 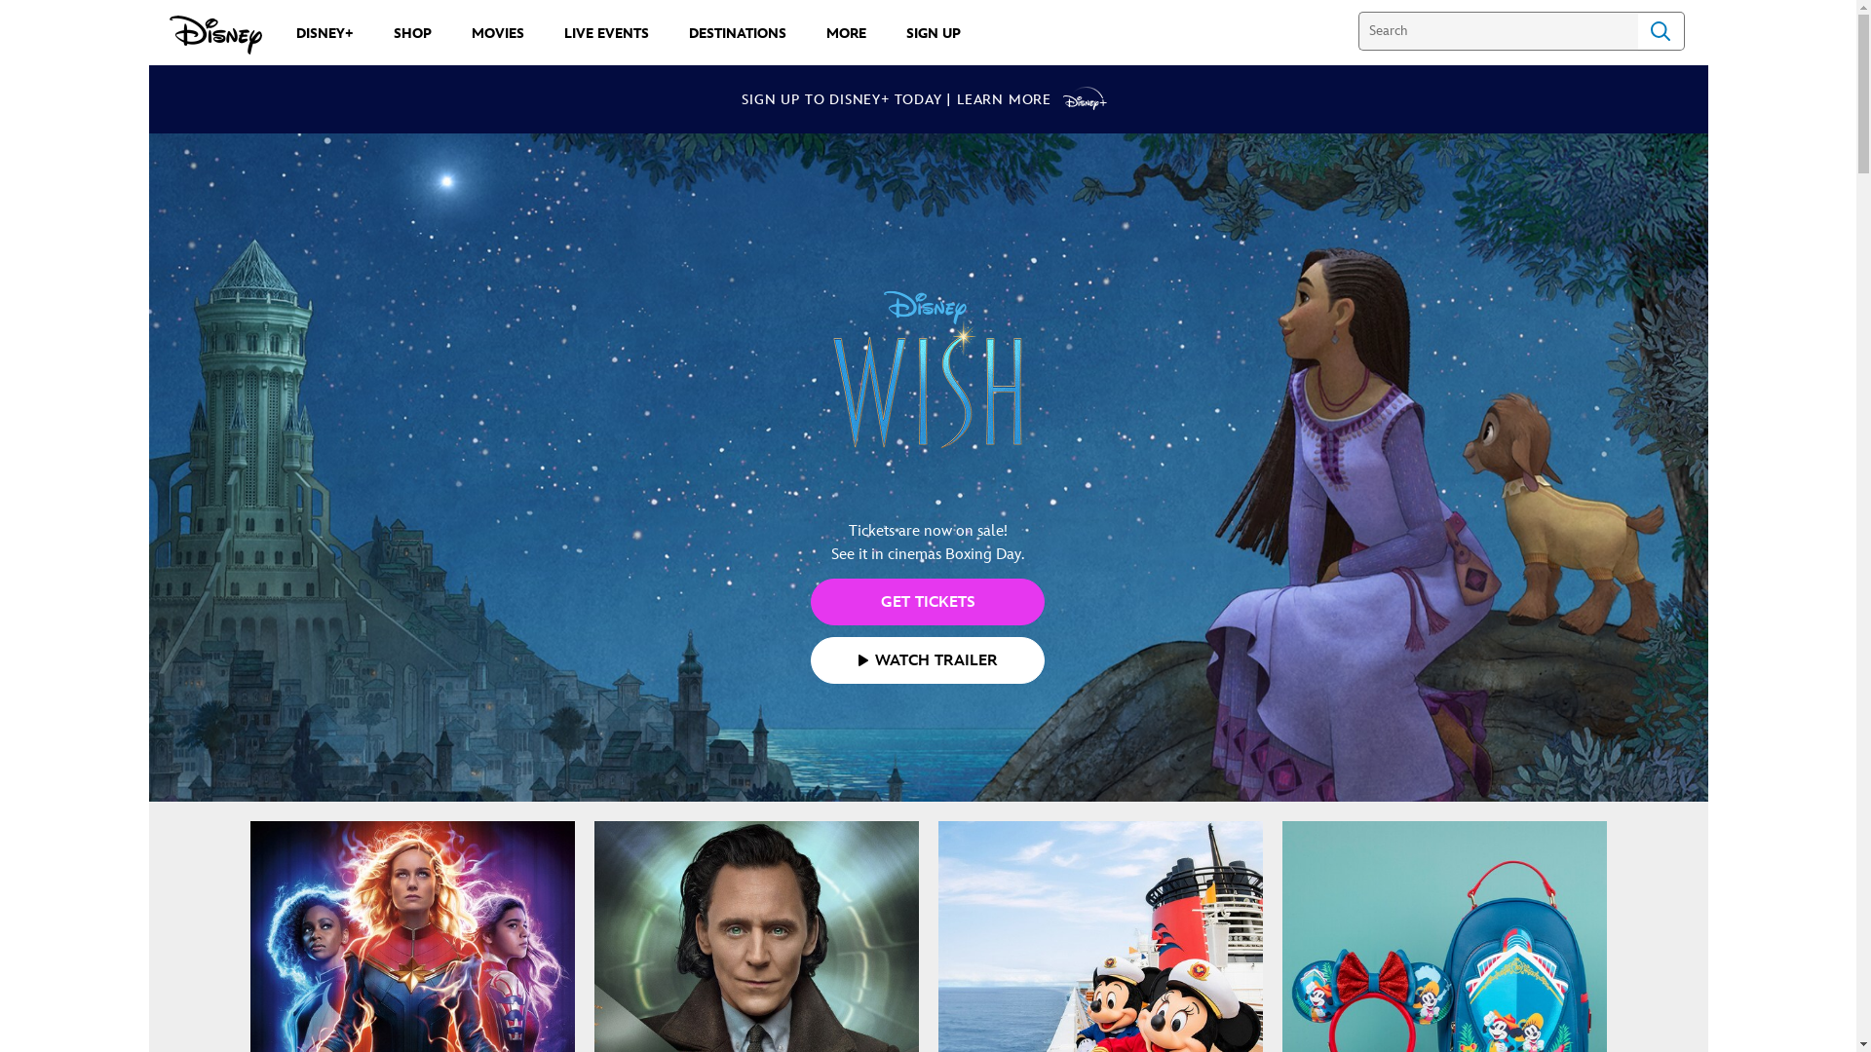 What do you see at coordinates (325, 32) in the screenshot?
I see `'DISNEY+'` at bounding box center [325, 32].